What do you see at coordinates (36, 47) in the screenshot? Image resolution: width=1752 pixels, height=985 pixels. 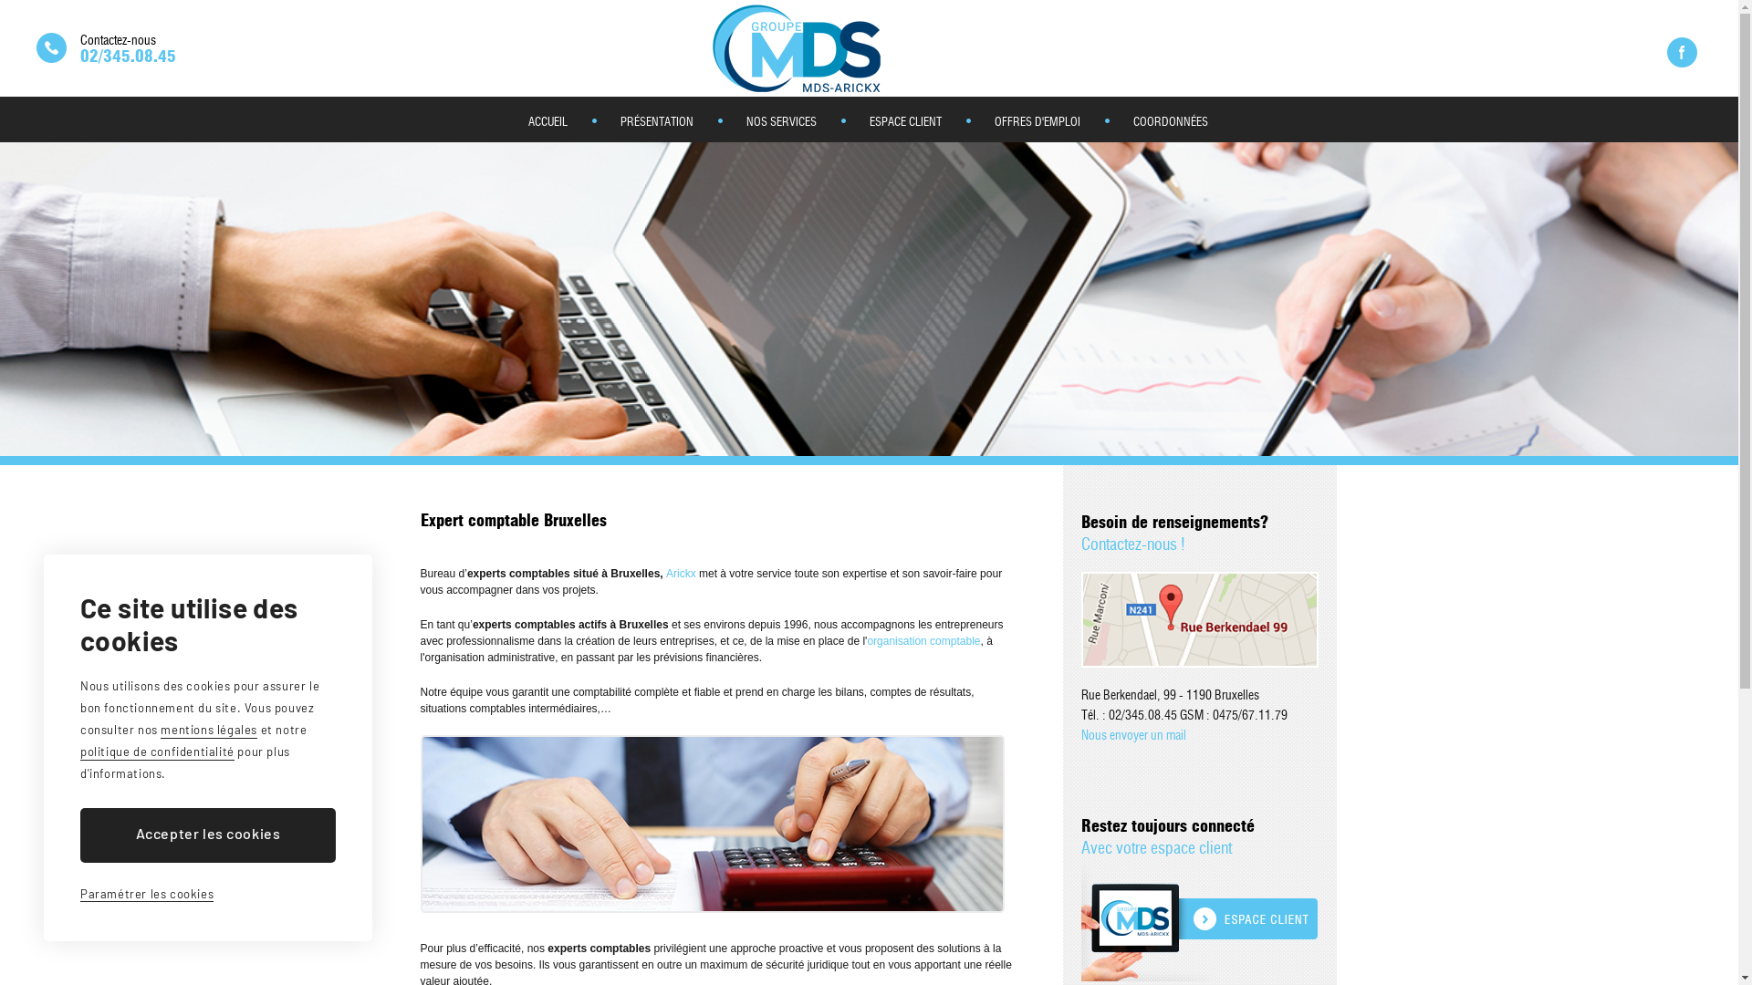 I see `'Nous contacter'` at bounding box center [36, 47].